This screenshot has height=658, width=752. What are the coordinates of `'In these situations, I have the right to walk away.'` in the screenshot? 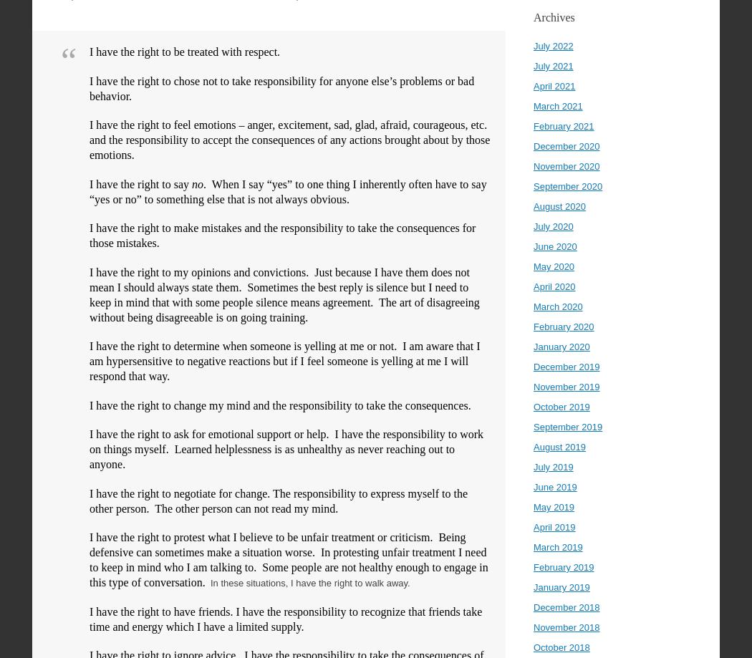 It's located at (307, 583).